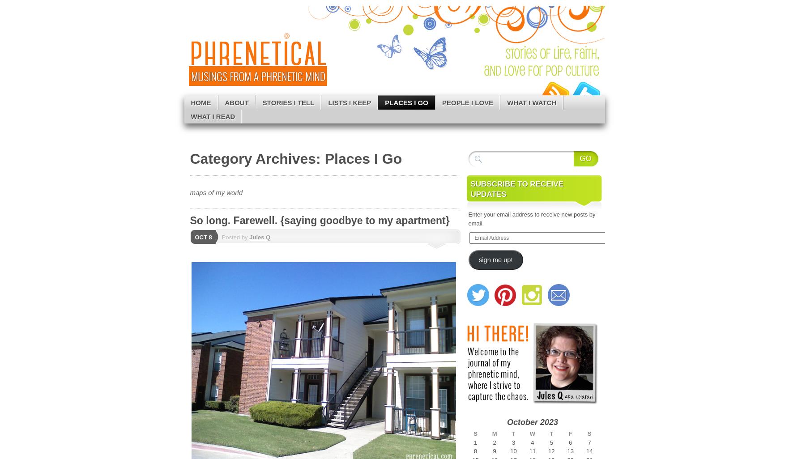 This screenshot has width=789, height=459. Describe the element at coordinates (589, 450) in the screenshot. I see `'14'` at that location.